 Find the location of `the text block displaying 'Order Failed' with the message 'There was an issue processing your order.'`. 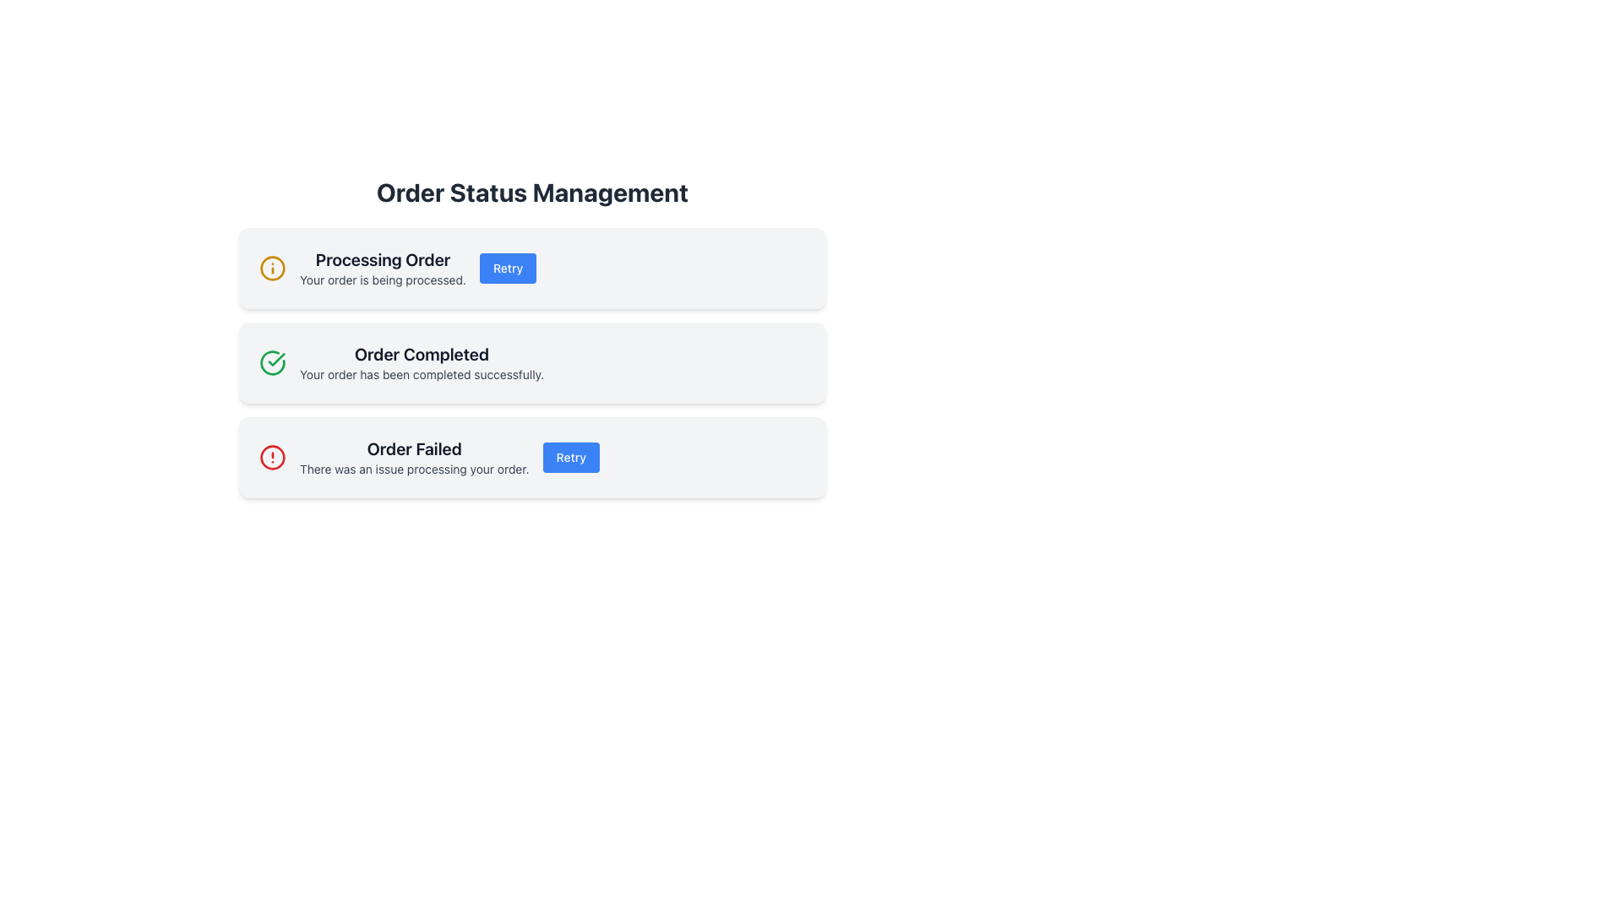

the text block displaying 'Order Failed' with the message 'There was an issue processing your order.' is located at coordinates (414, 458).